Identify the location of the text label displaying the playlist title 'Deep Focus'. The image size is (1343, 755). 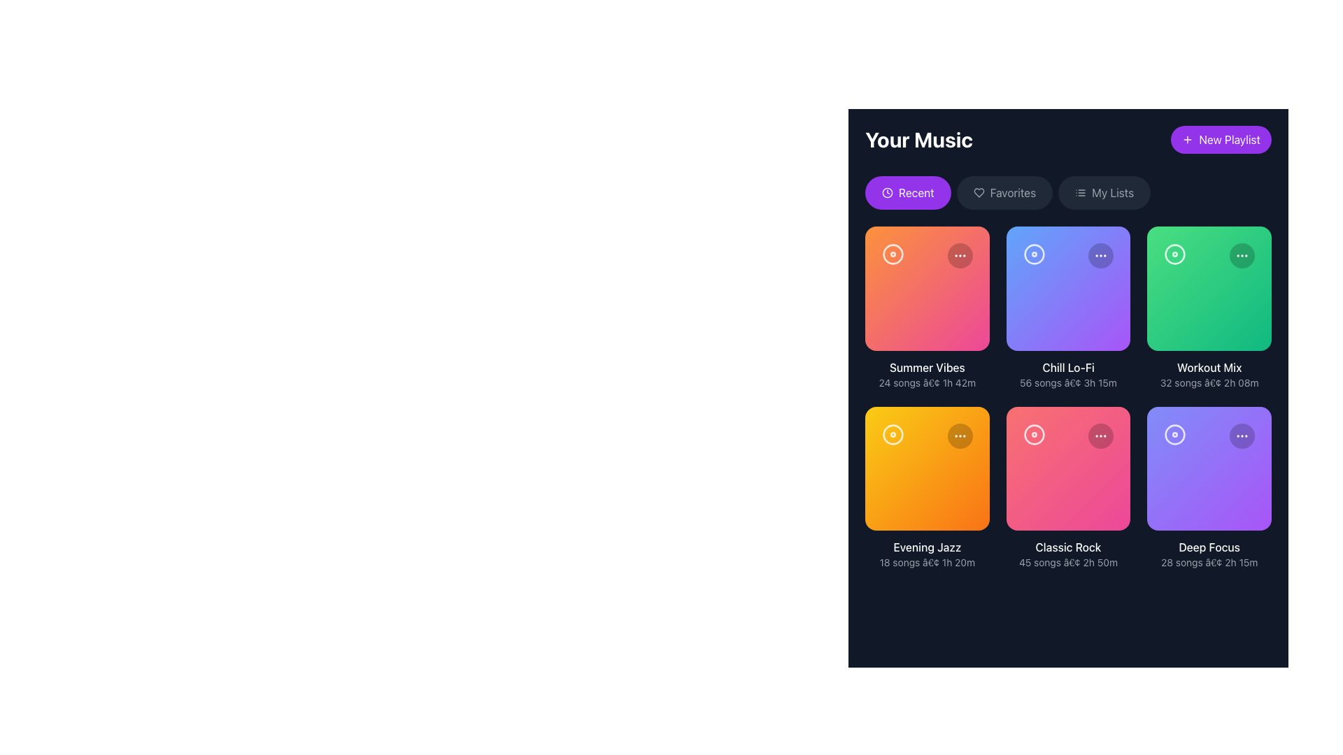
(1209, 547).